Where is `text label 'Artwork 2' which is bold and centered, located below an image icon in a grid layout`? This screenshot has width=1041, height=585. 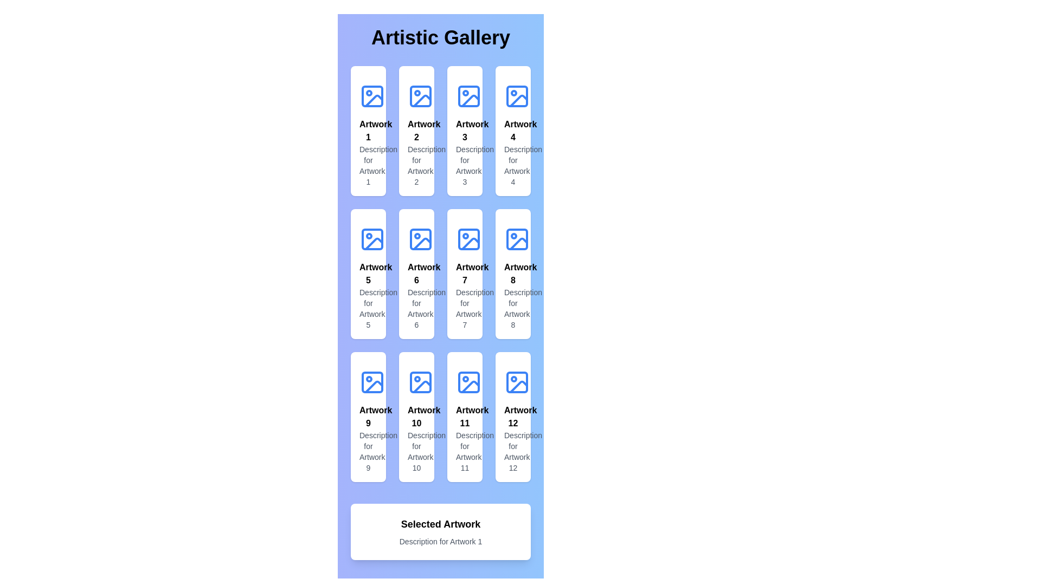 text label 'Artwork 2' which is bold and centered, located below an image icon in a grid layout is located at coordinates (416, 131).